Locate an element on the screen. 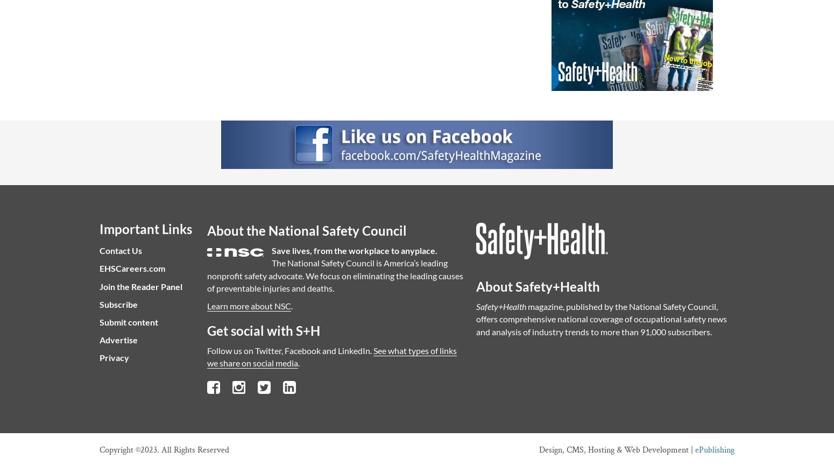  'Privacy' is located at coordinates (114, 357).